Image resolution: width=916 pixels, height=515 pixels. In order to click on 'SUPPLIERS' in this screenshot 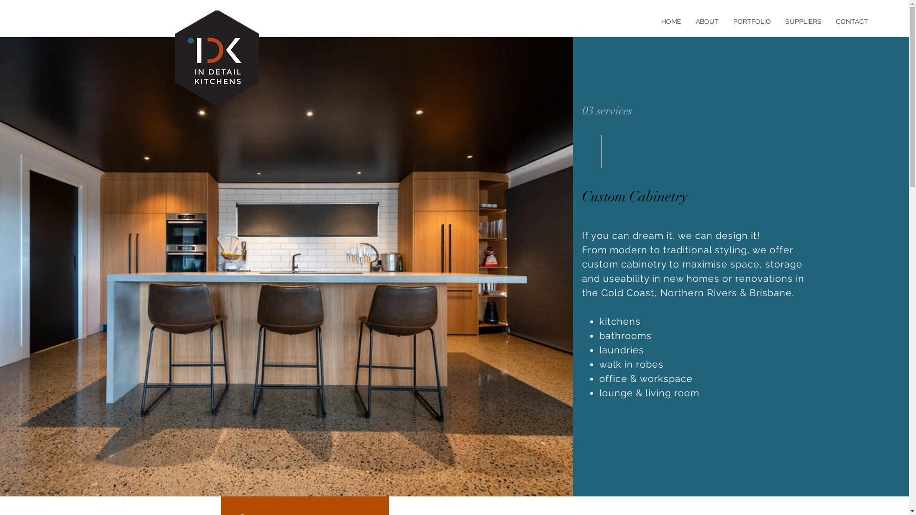, I will do `click(803, 21)`.